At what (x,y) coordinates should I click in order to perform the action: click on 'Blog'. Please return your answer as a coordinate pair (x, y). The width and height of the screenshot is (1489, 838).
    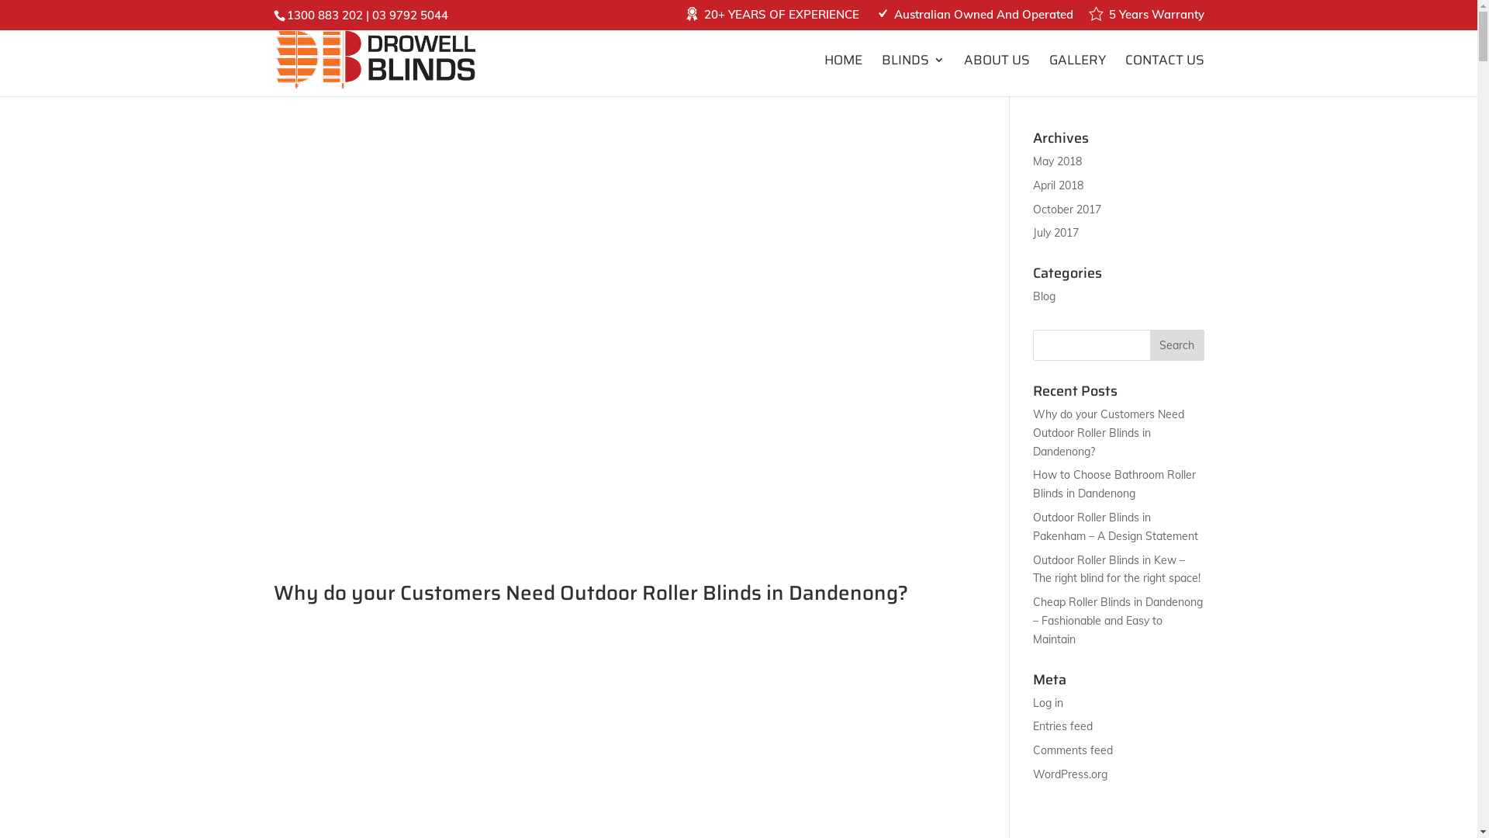
    Looking at the image, I should click on (1044, 296).